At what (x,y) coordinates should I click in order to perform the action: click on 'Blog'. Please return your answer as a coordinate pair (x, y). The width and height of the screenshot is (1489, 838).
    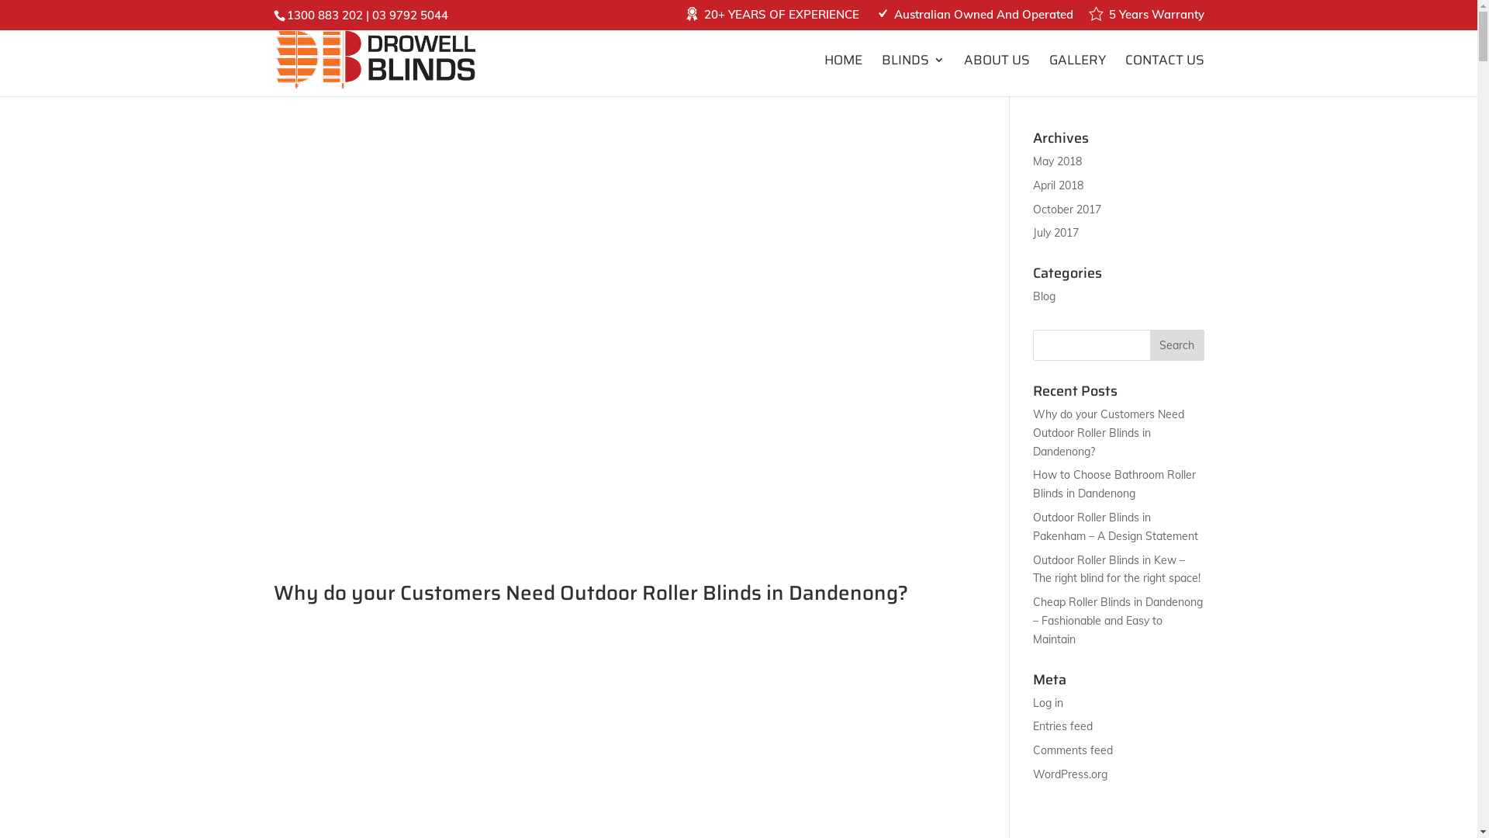
    Looking at the image, I should click on (1044, 296).